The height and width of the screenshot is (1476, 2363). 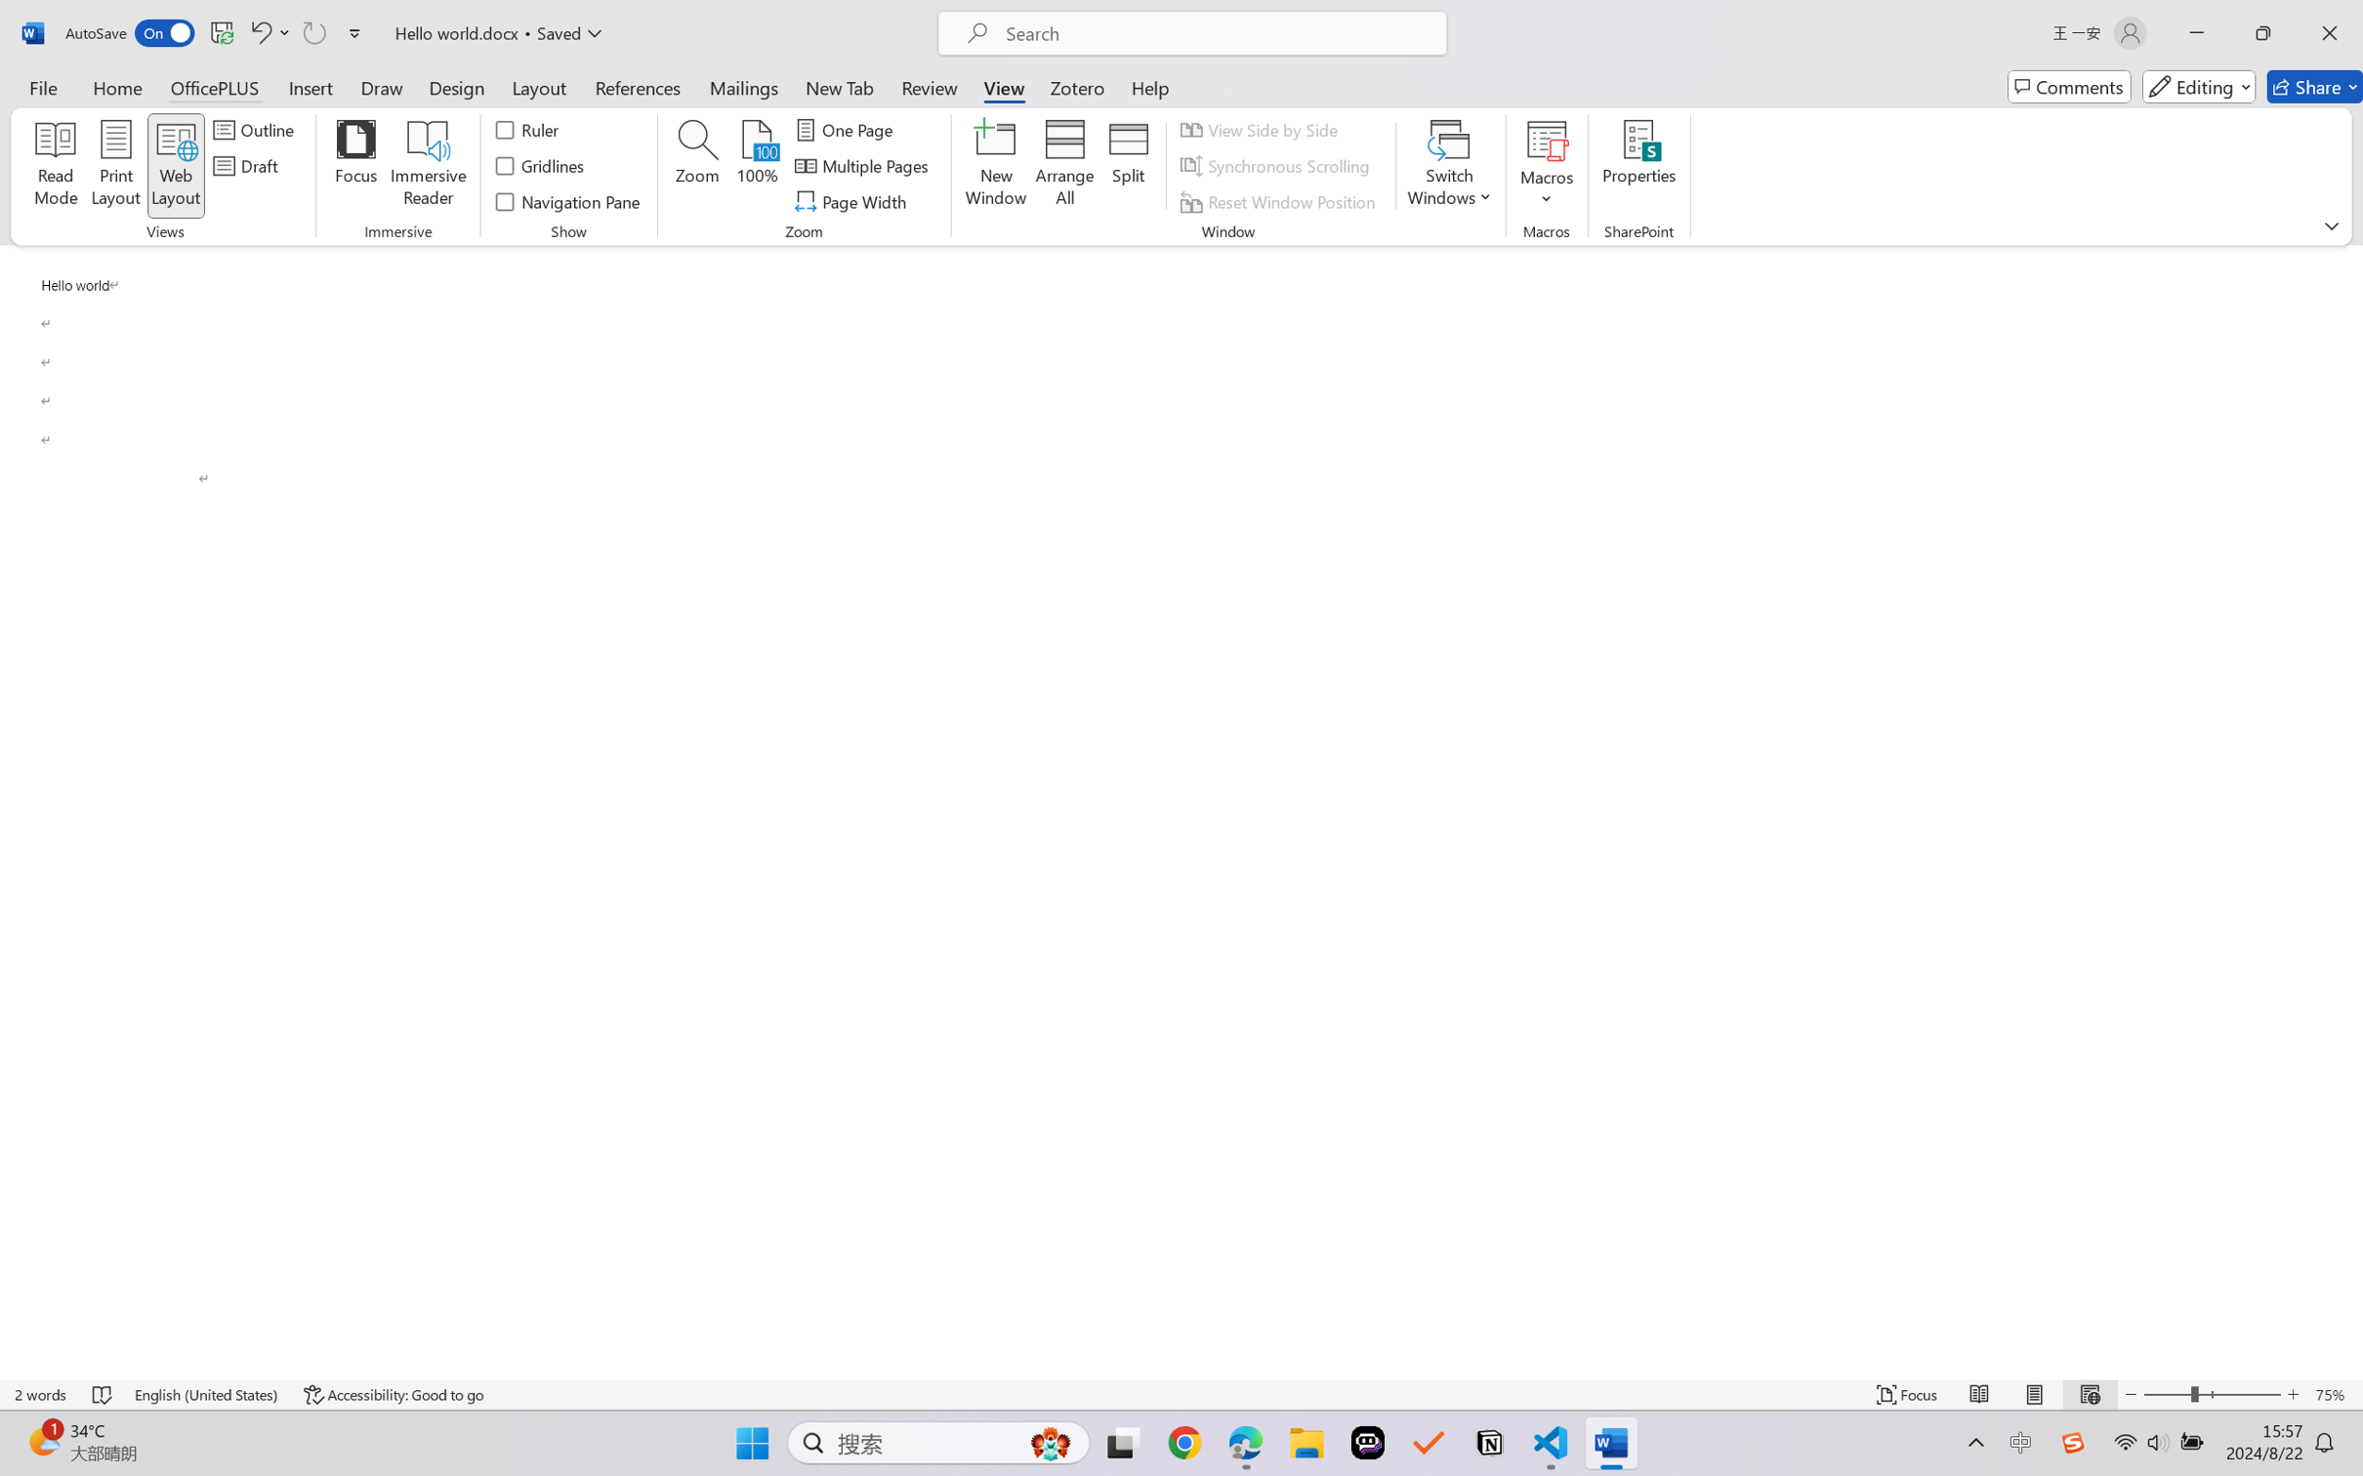 What do you see at coordinates (428, 166) in the screenshot?
I see `'Immersive Reader'` at bounding box center [428, 166].